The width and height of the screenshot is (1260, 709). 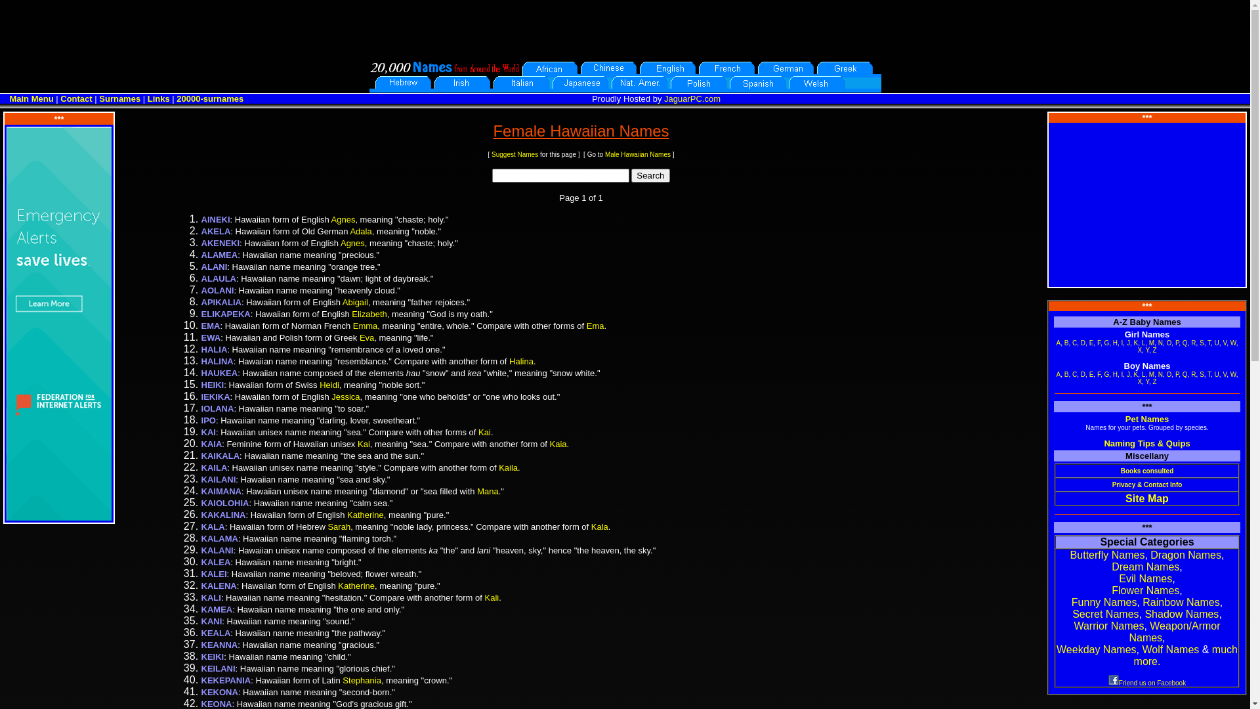 What do you see at coordinates (1108, 682) in the screenshot?
I see `'Friend us on Facebook'` at bounding box center [1108, 682].